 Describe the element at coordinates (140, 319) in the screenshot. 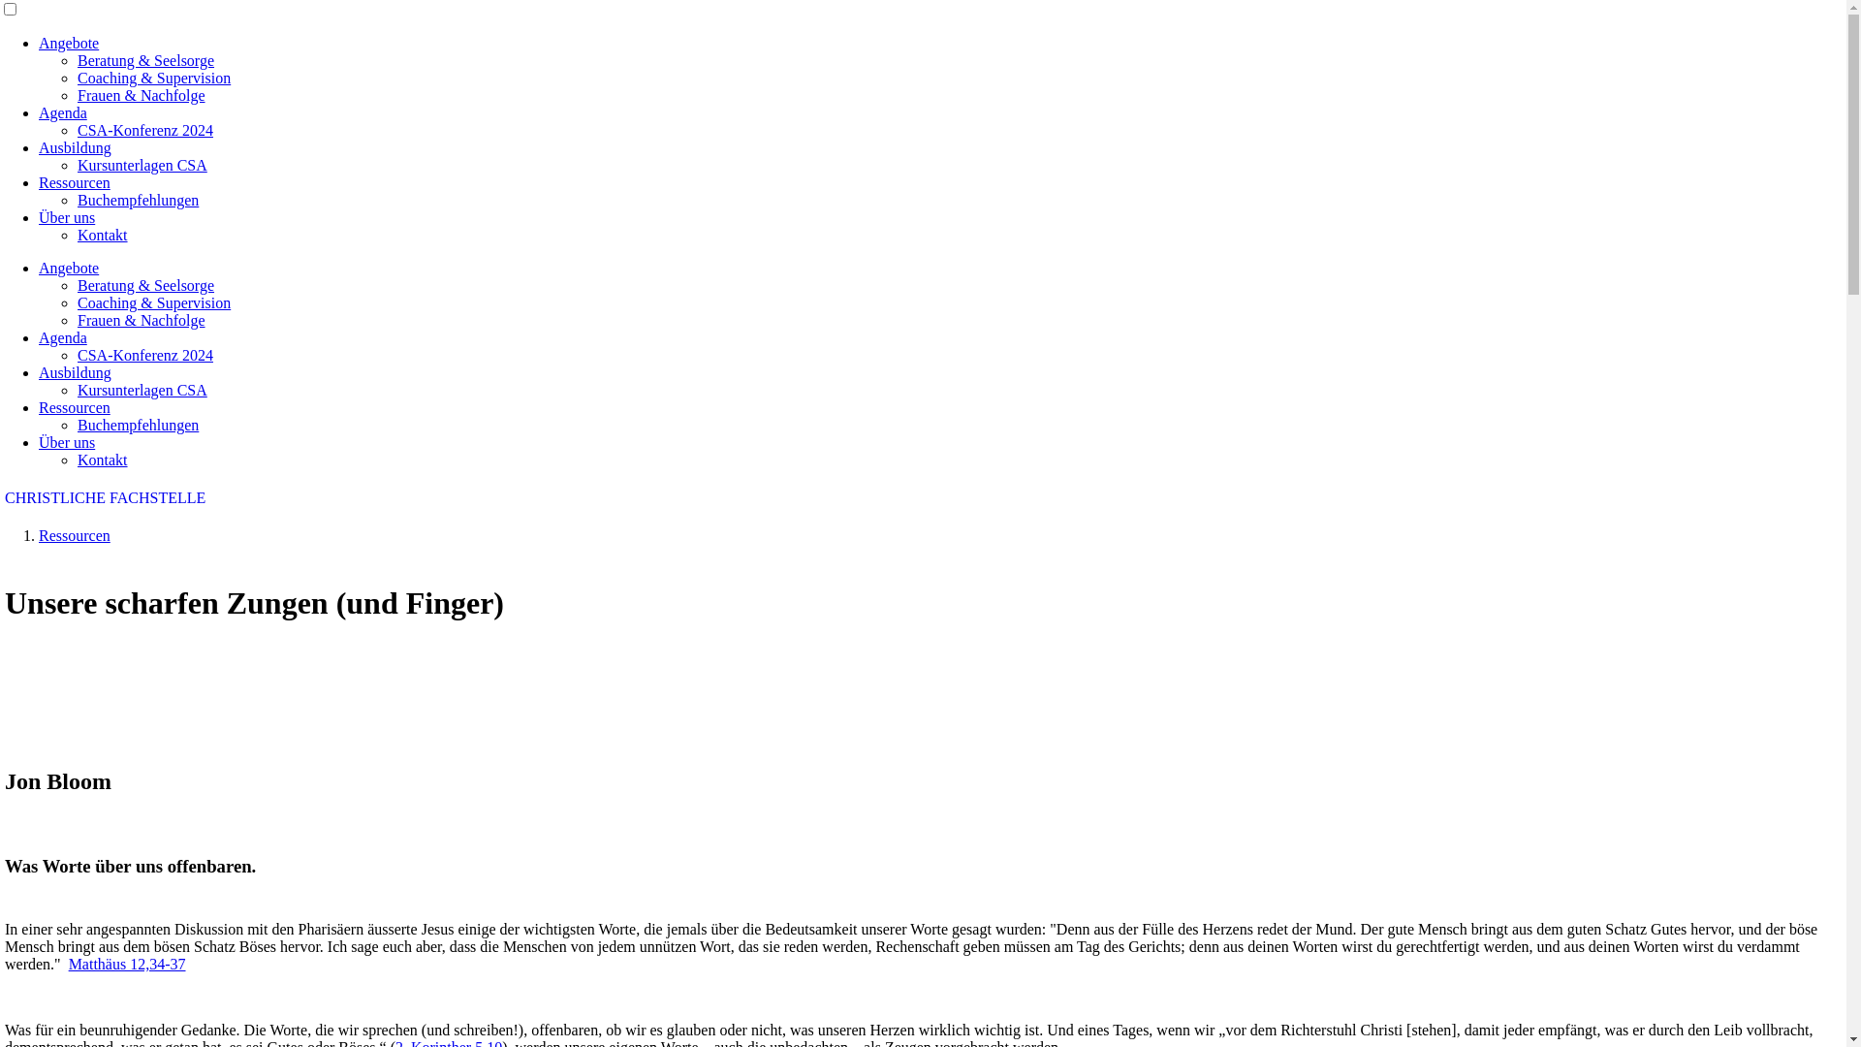

I see `'Frauen & Nachfolge'` at that location.